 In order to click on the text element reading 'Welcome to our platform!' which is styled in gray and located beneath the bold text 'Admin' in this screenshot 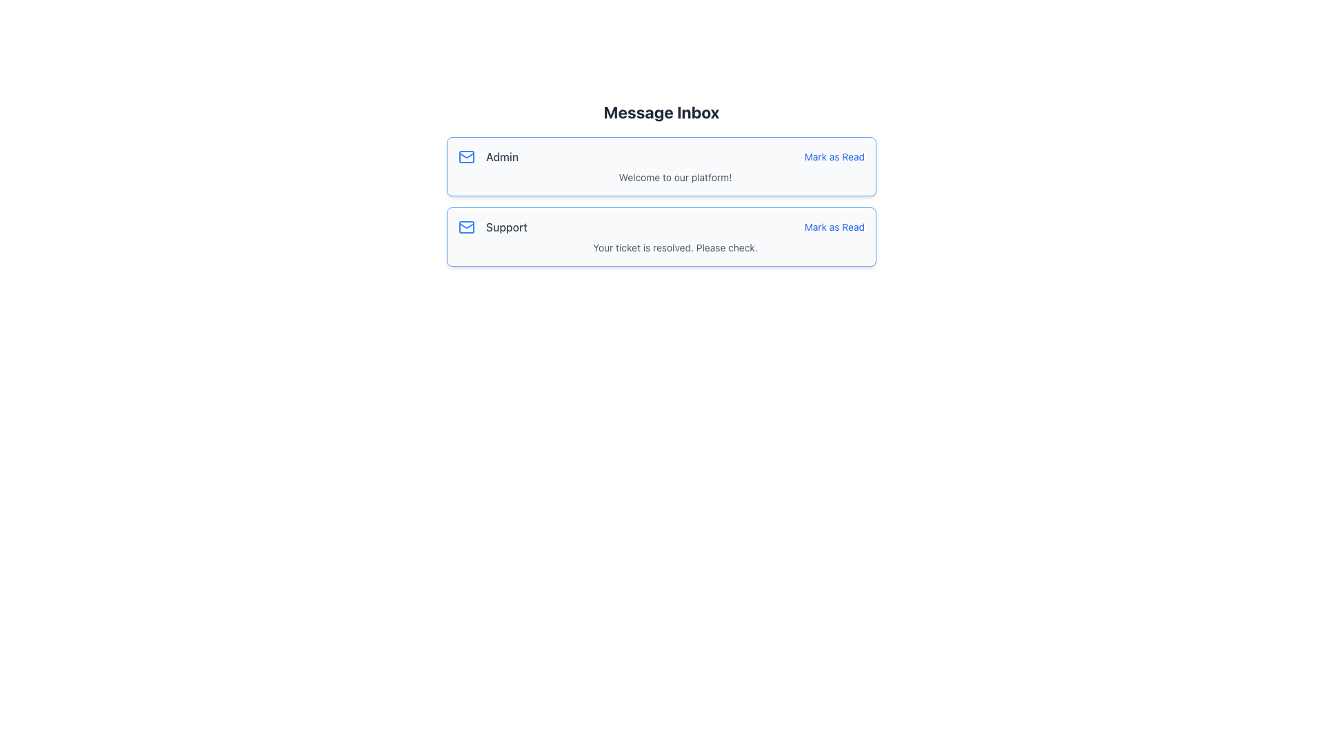, I will do `click(675, 177)`.